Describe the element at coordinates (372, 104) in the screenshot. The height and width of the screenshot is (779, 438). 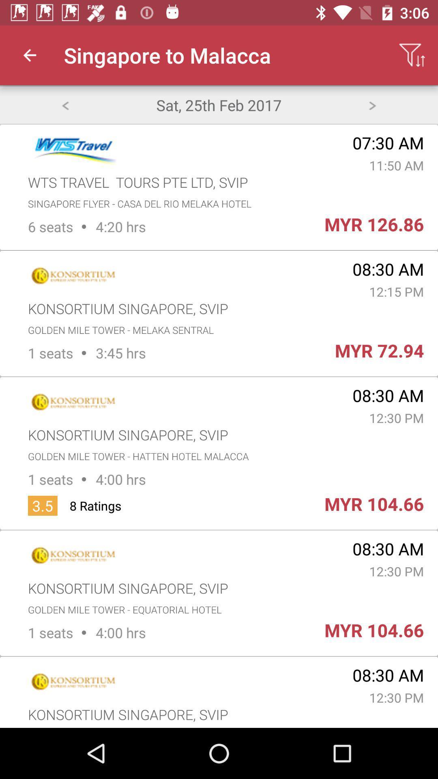
I see `next page` at that location.